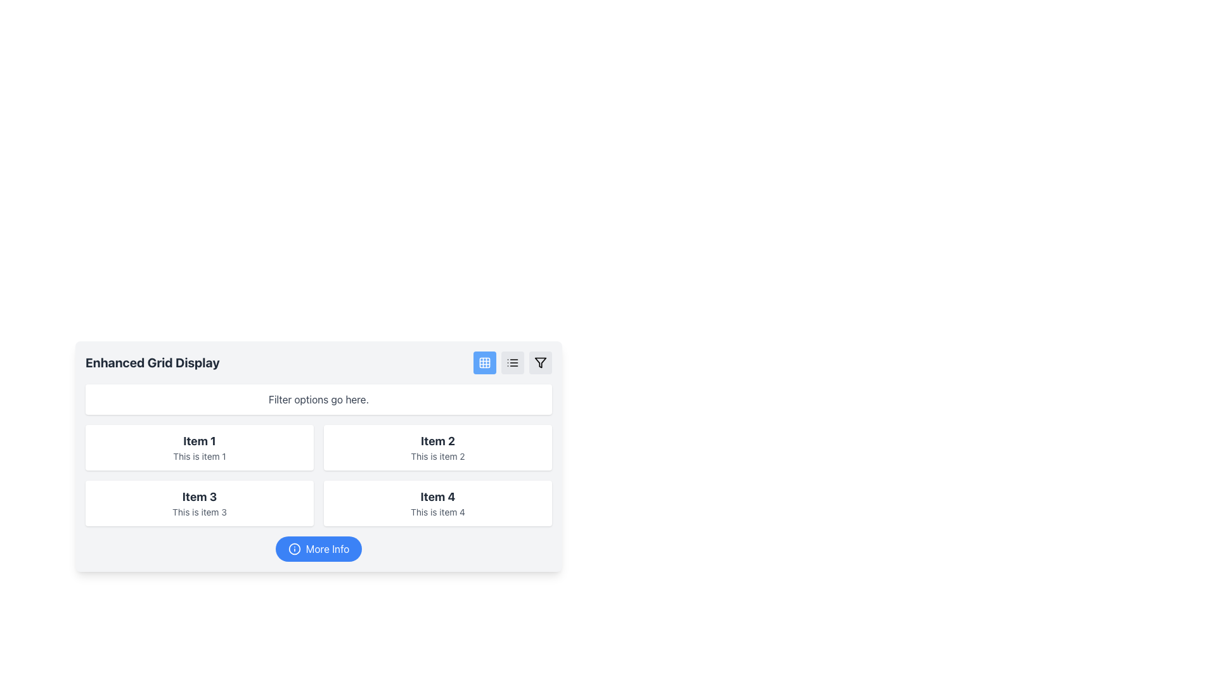 The width and height of the screenshot is (1217, 684). I want to click on the Content card that displays 'Item 3' in bold text and has a white background with rounded corners, located in the lower row of a 2x2 grid layout, so click(199, 502).